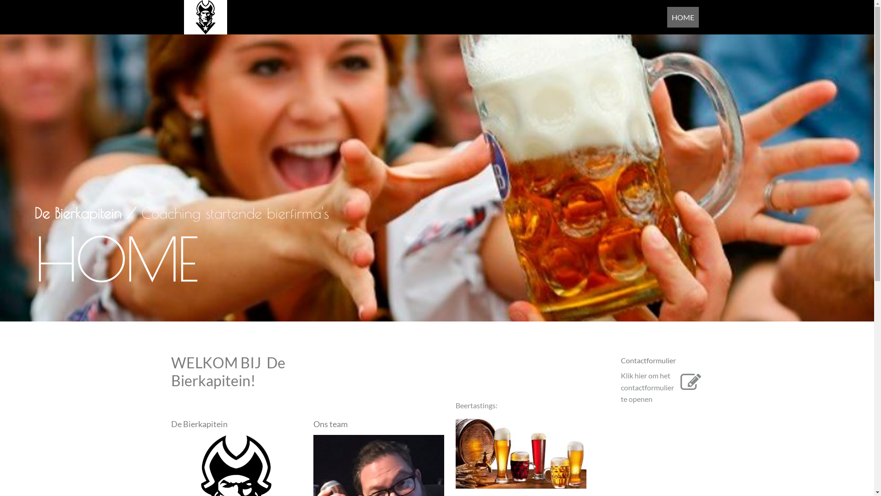 Image resolution: width=881 pixels, height=496 pixels. What do you see at coordinates (683, 17) in the screenshot?
I see `'HOME'` at bounding box center [683, 17].